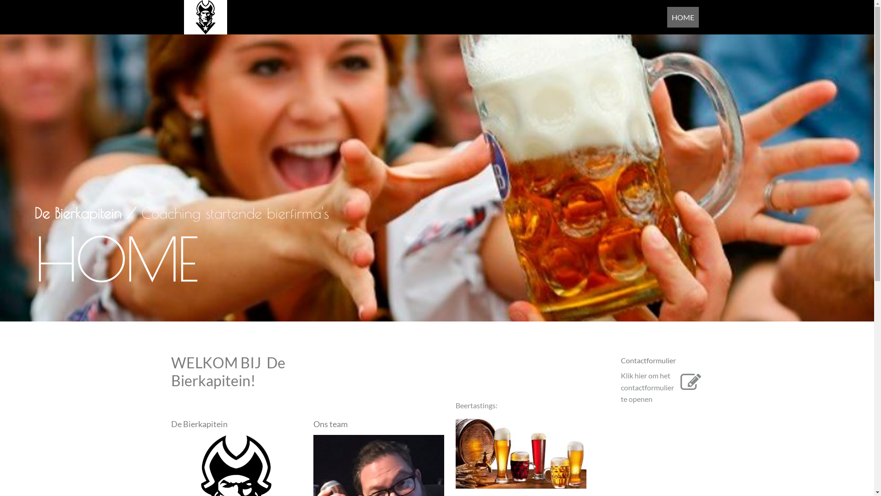 Image resolution: width=881 pixels, height=496 pixels. What do you see at coordinates (683, 17) in the screenshot?
I see `'HOME'` at bounding box center [683, 17].